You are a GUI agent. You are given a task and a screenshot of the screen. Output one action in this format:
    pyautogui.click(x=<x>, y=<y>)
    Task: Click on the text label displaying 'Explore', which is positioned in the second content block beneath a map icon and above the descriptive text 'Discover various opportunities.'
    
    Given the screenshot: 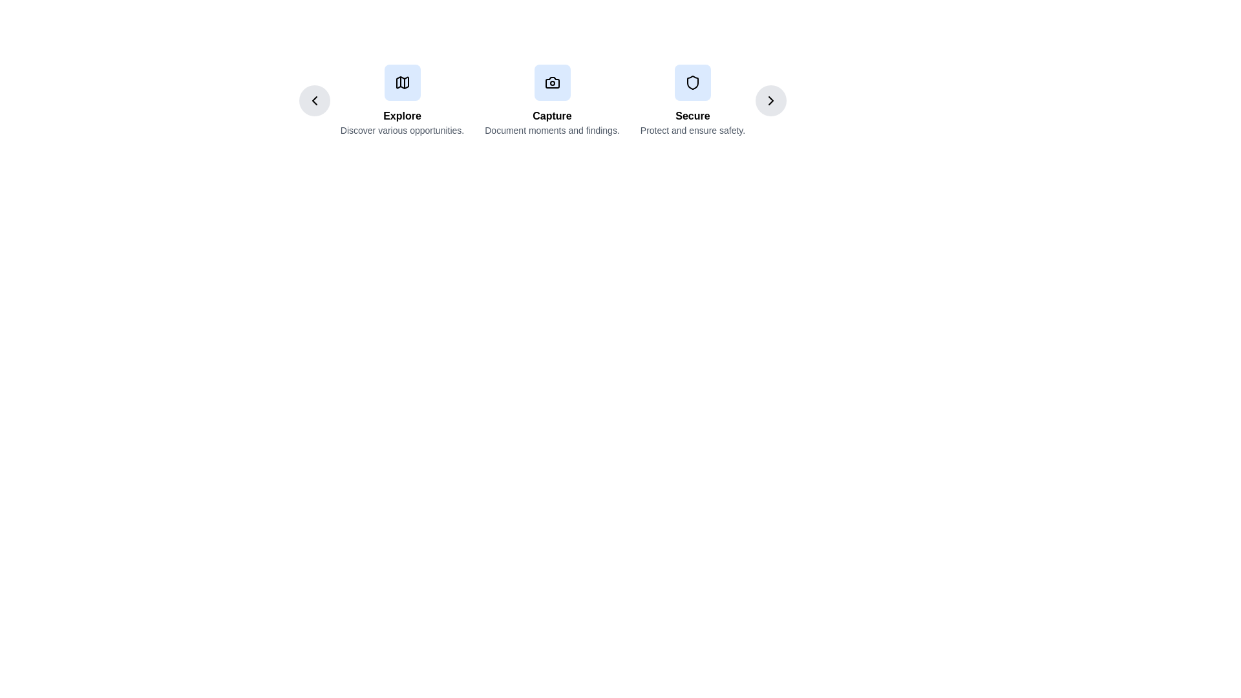 What is the action you would take?
    pyautogui.click(x=401, y=116)
    